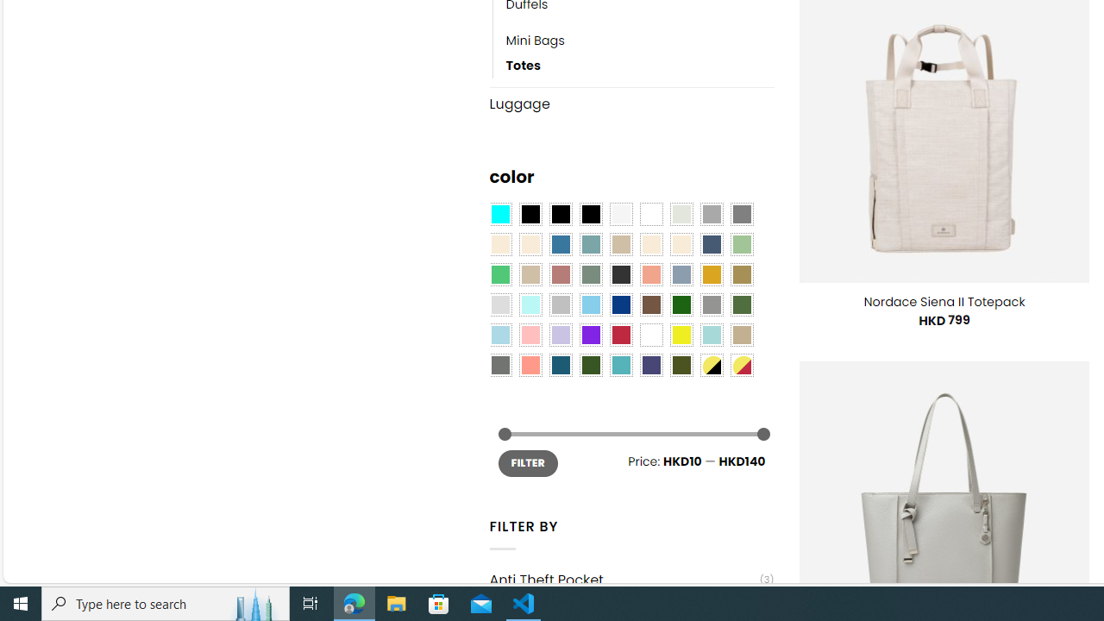 Image resolution: width=1104 pixels, height=621 pixels. Describe the element at coordinates (530, 214) in the screenshot. I see `'All Black'` at that location.